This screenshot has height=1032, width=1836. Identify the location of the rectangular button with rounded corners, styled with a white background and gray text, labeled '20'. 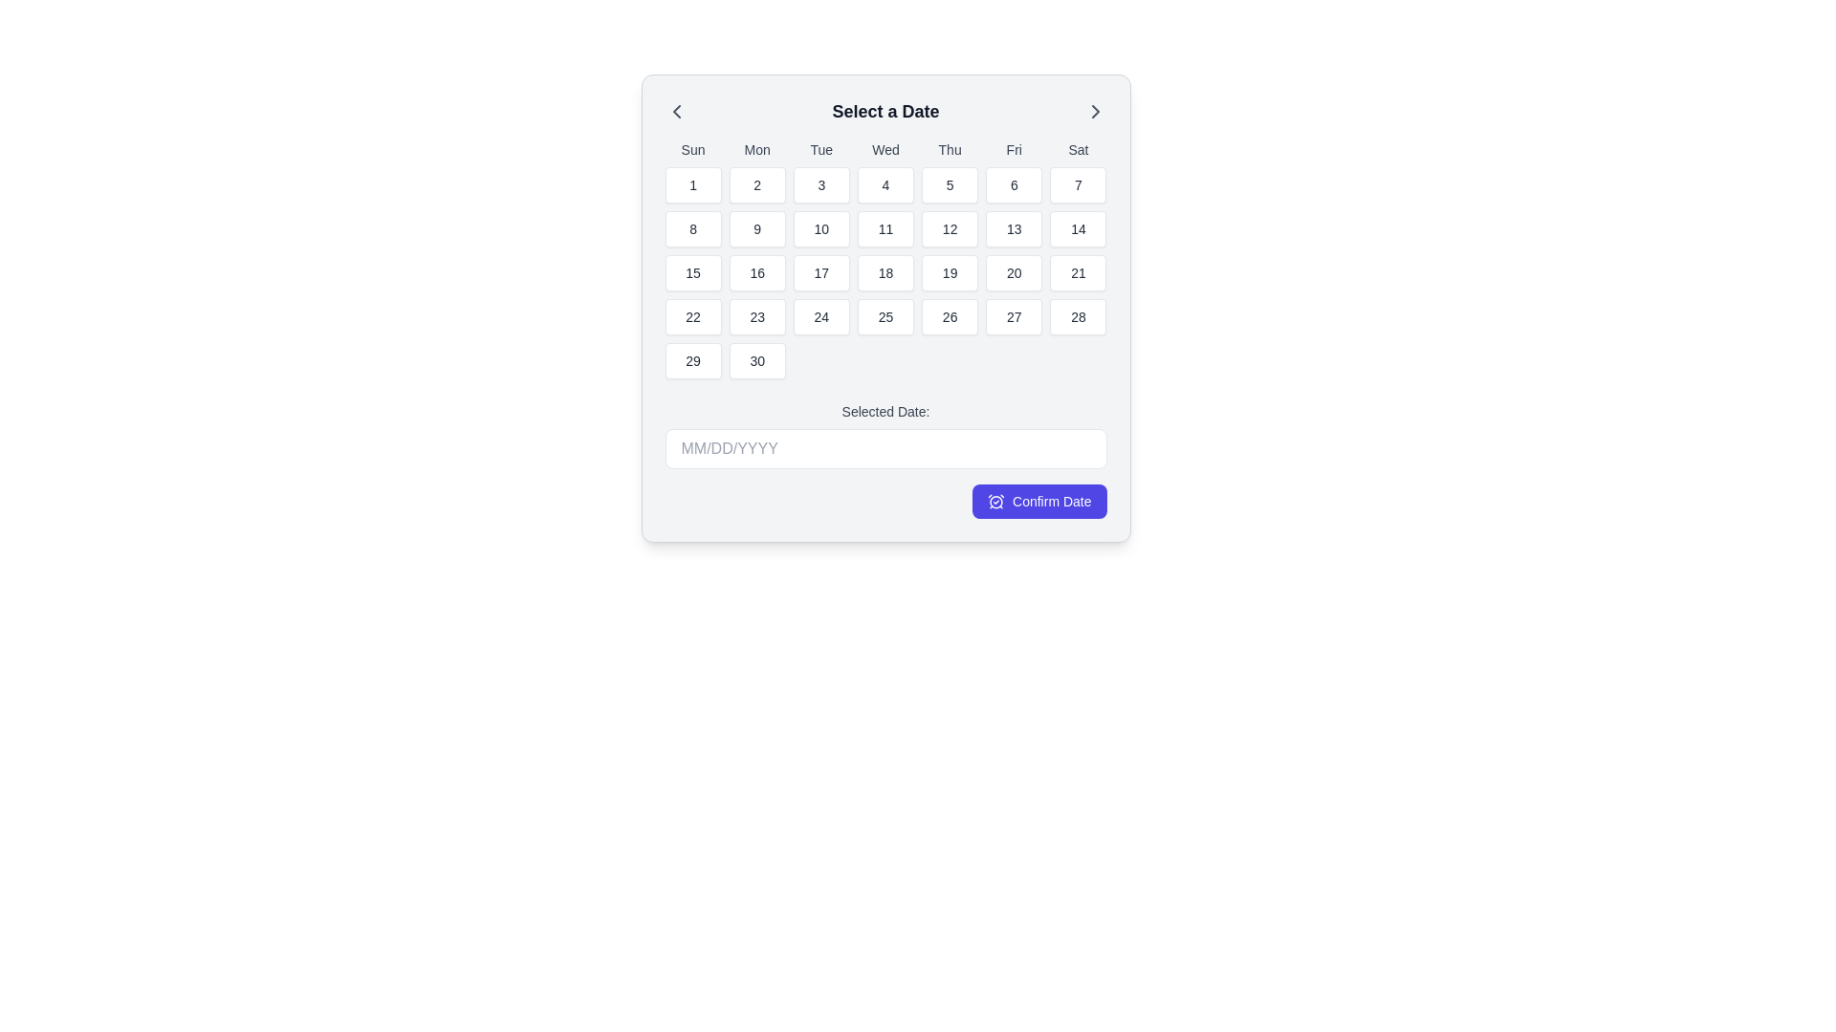
(1013, 272).